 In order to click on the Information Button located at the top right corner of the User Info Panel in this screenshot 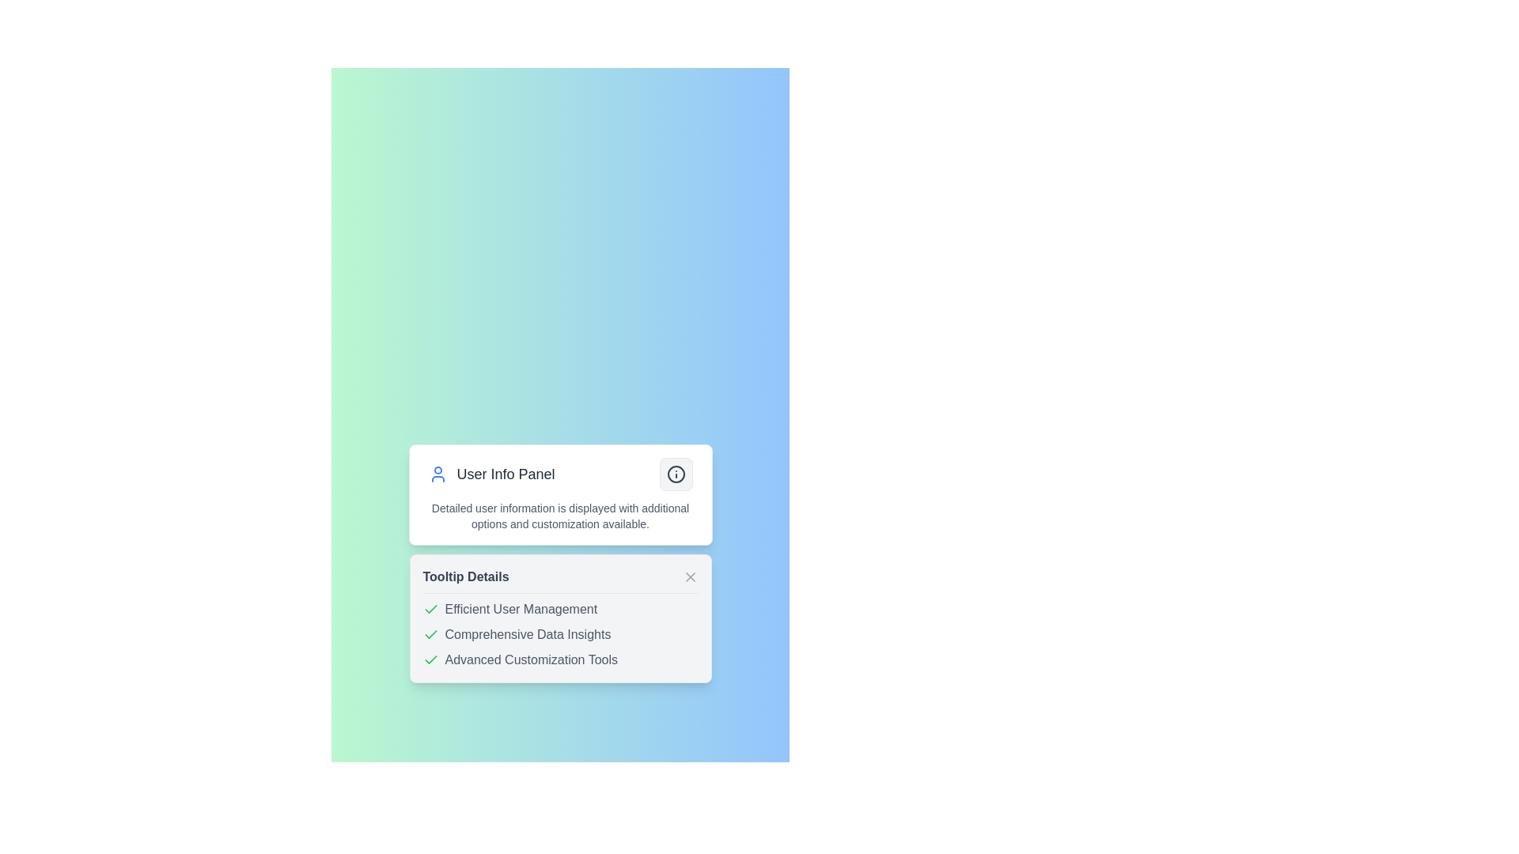, I will do `click(676, 474)`.